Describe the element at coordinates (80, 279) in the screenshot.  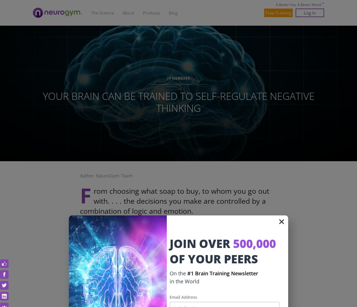
I see `'Understanding how the decision-making process works is essential to preventing poor choices in the future.'` at that location.